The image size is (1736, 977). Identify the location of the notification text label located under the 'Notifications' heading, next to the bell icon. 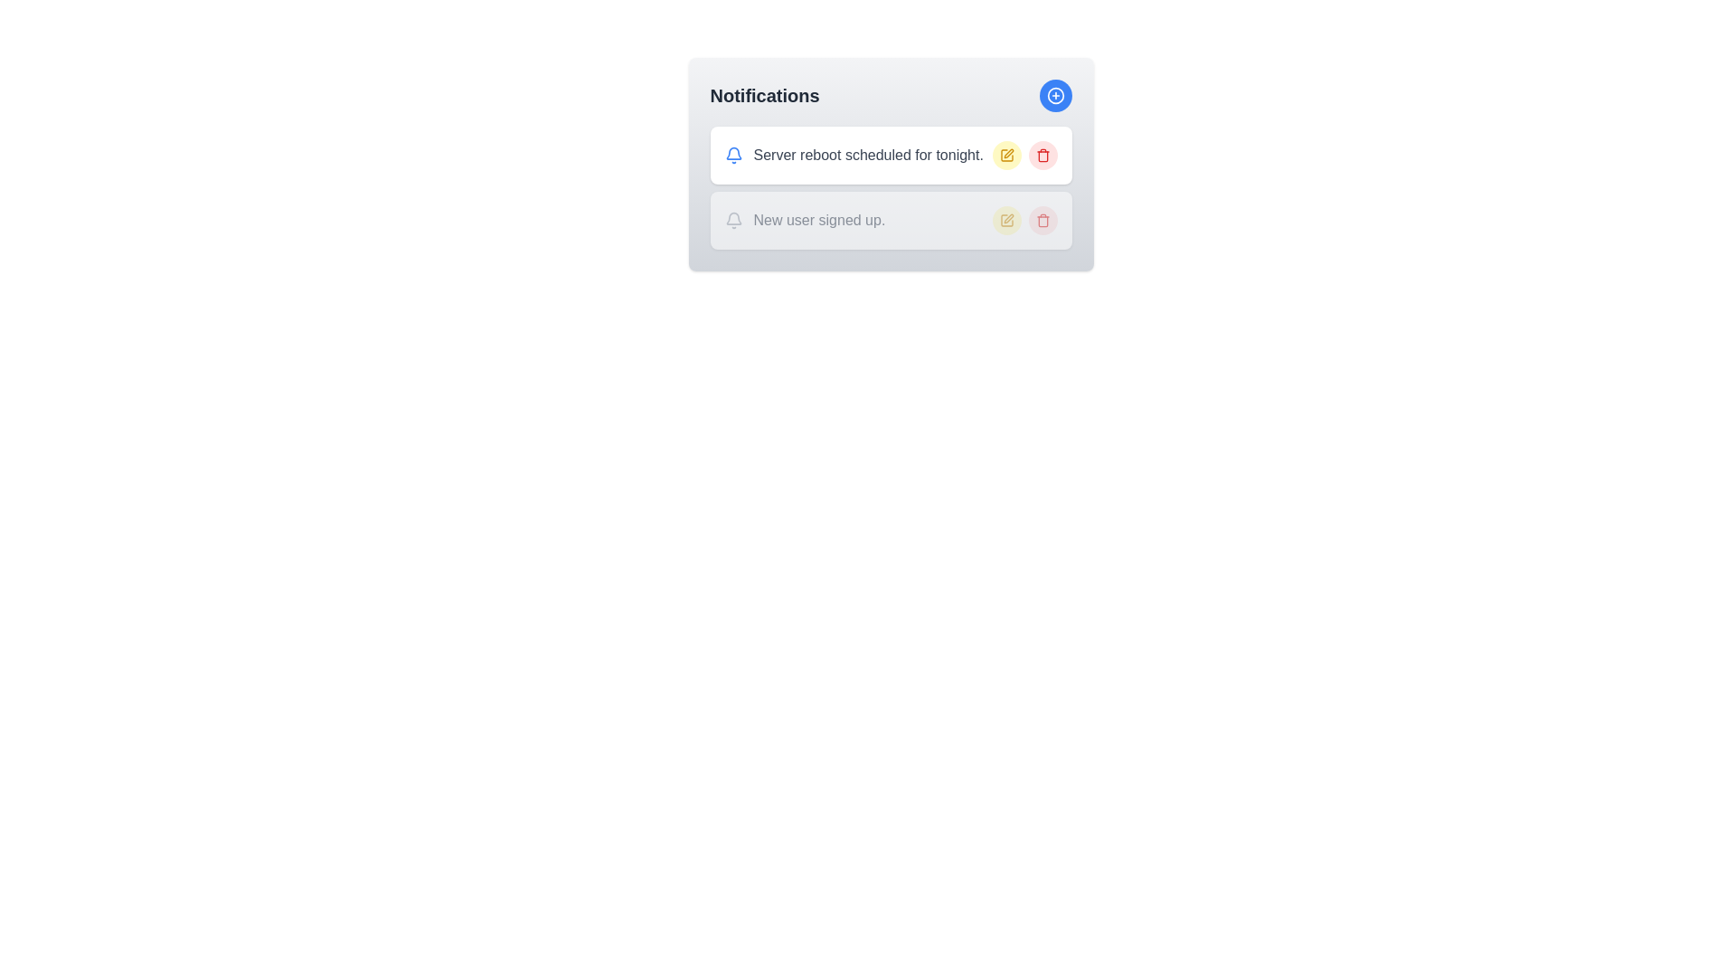
(868, 155).